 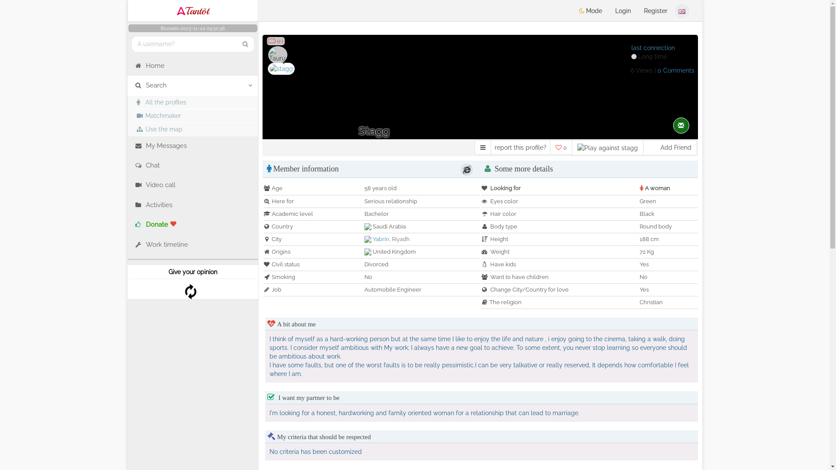 I want to click on 'Home', so click(x=192, y=65).